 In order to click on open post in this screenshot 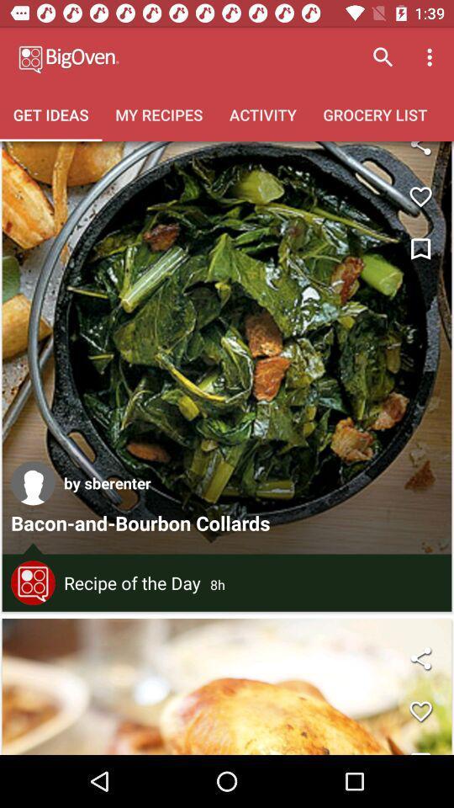, I will do `click(227, 347)`.